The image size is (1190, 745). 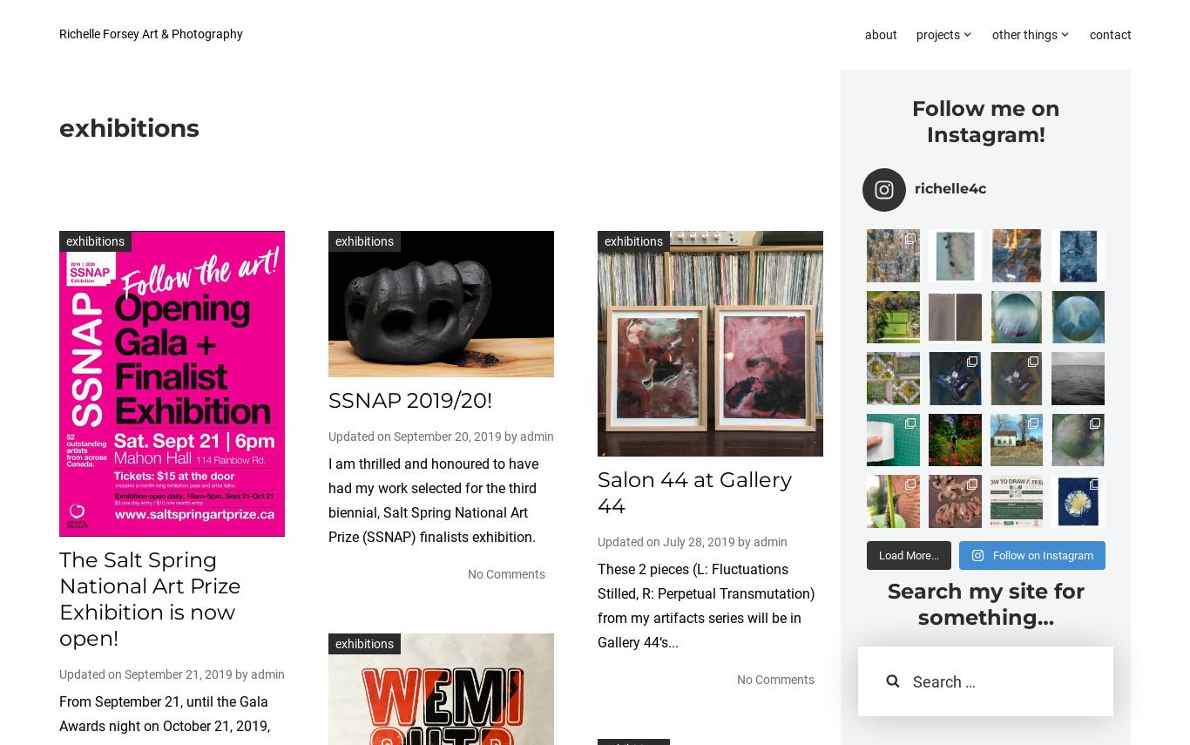 What do you see at coordinates (178, 674) in the screenshot?
I see `'September 21, 2019'` at bounding box center [178, 674].